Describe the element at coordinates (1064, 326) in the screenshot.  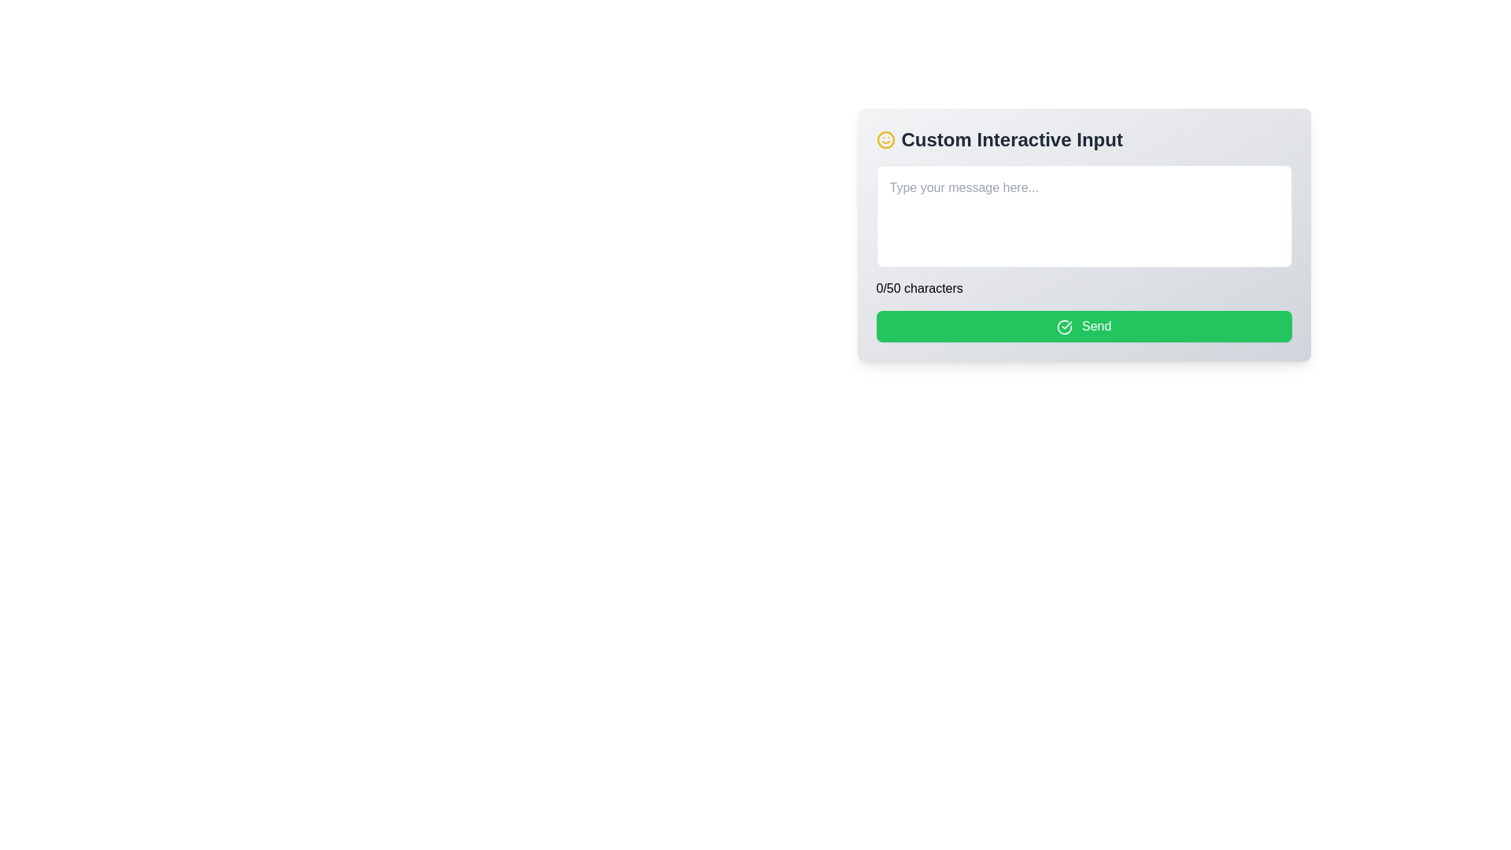
I see `the circular SVG icon located on the right side of the interface near the green 'Send' button` at that location.